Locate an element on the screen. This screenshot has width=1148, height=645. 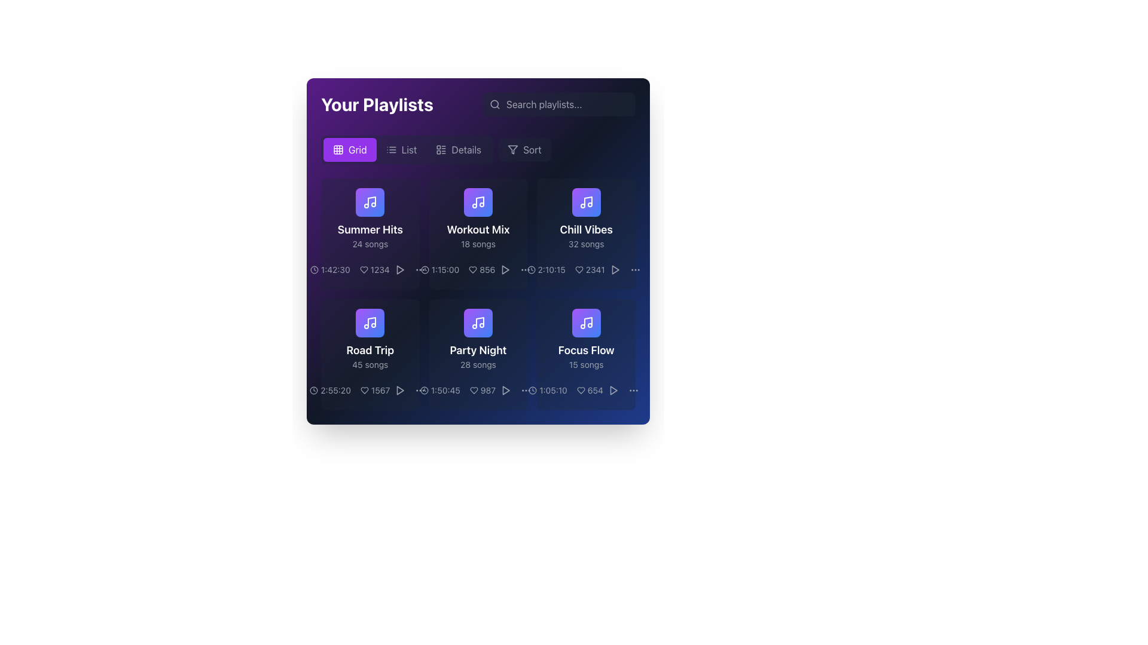
the triangular play button located below the playlist grid, specifically in the third column of the second row, to play the playlist is located at coordinates (401, 391).